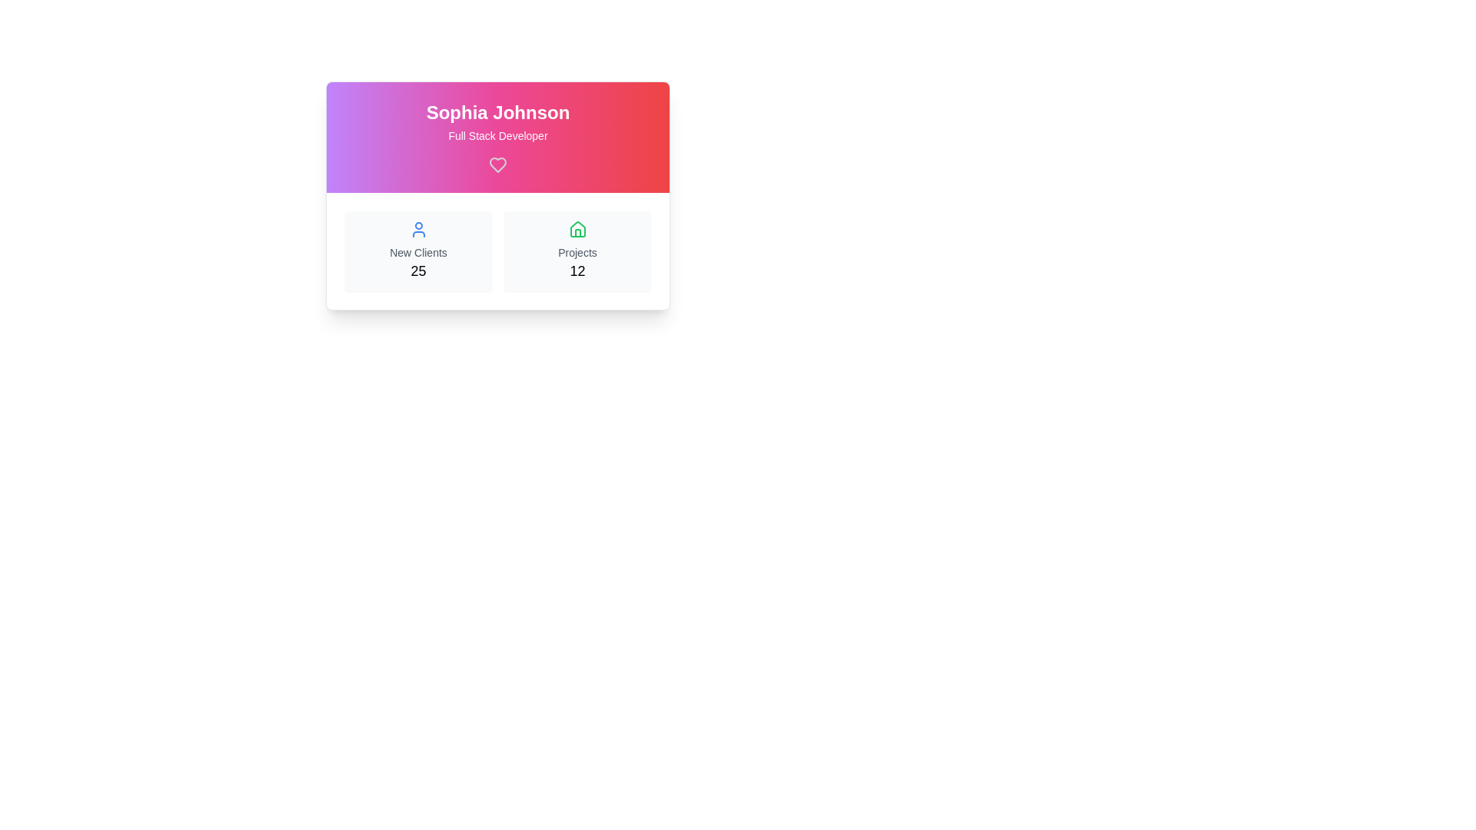 The width and height of the screenshot is (1476, 830). What do you see at coordinates (577, 230) in the screenshot?
I see `the 'Projects' icon located centrally within the card that displays the title 'Projects' and the number '12'` at bounding box center [577, 230].